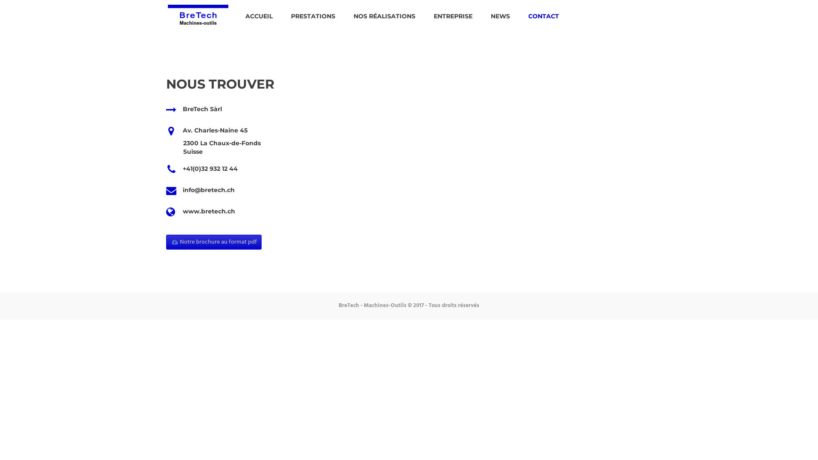  What do you see at coordinates (259, 16) in the screenshot?
I see `'ACCUEIL'` at bounding box center [259, 16].